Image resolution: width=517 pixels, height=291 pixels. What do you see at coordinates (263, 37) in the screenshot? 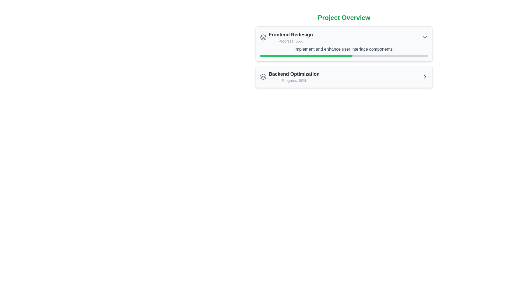
I see `the icon representing the 'Frontend Redesign' project, which is located at the leftmost part of the card displaying the project title` at bounding box center [263, 37].